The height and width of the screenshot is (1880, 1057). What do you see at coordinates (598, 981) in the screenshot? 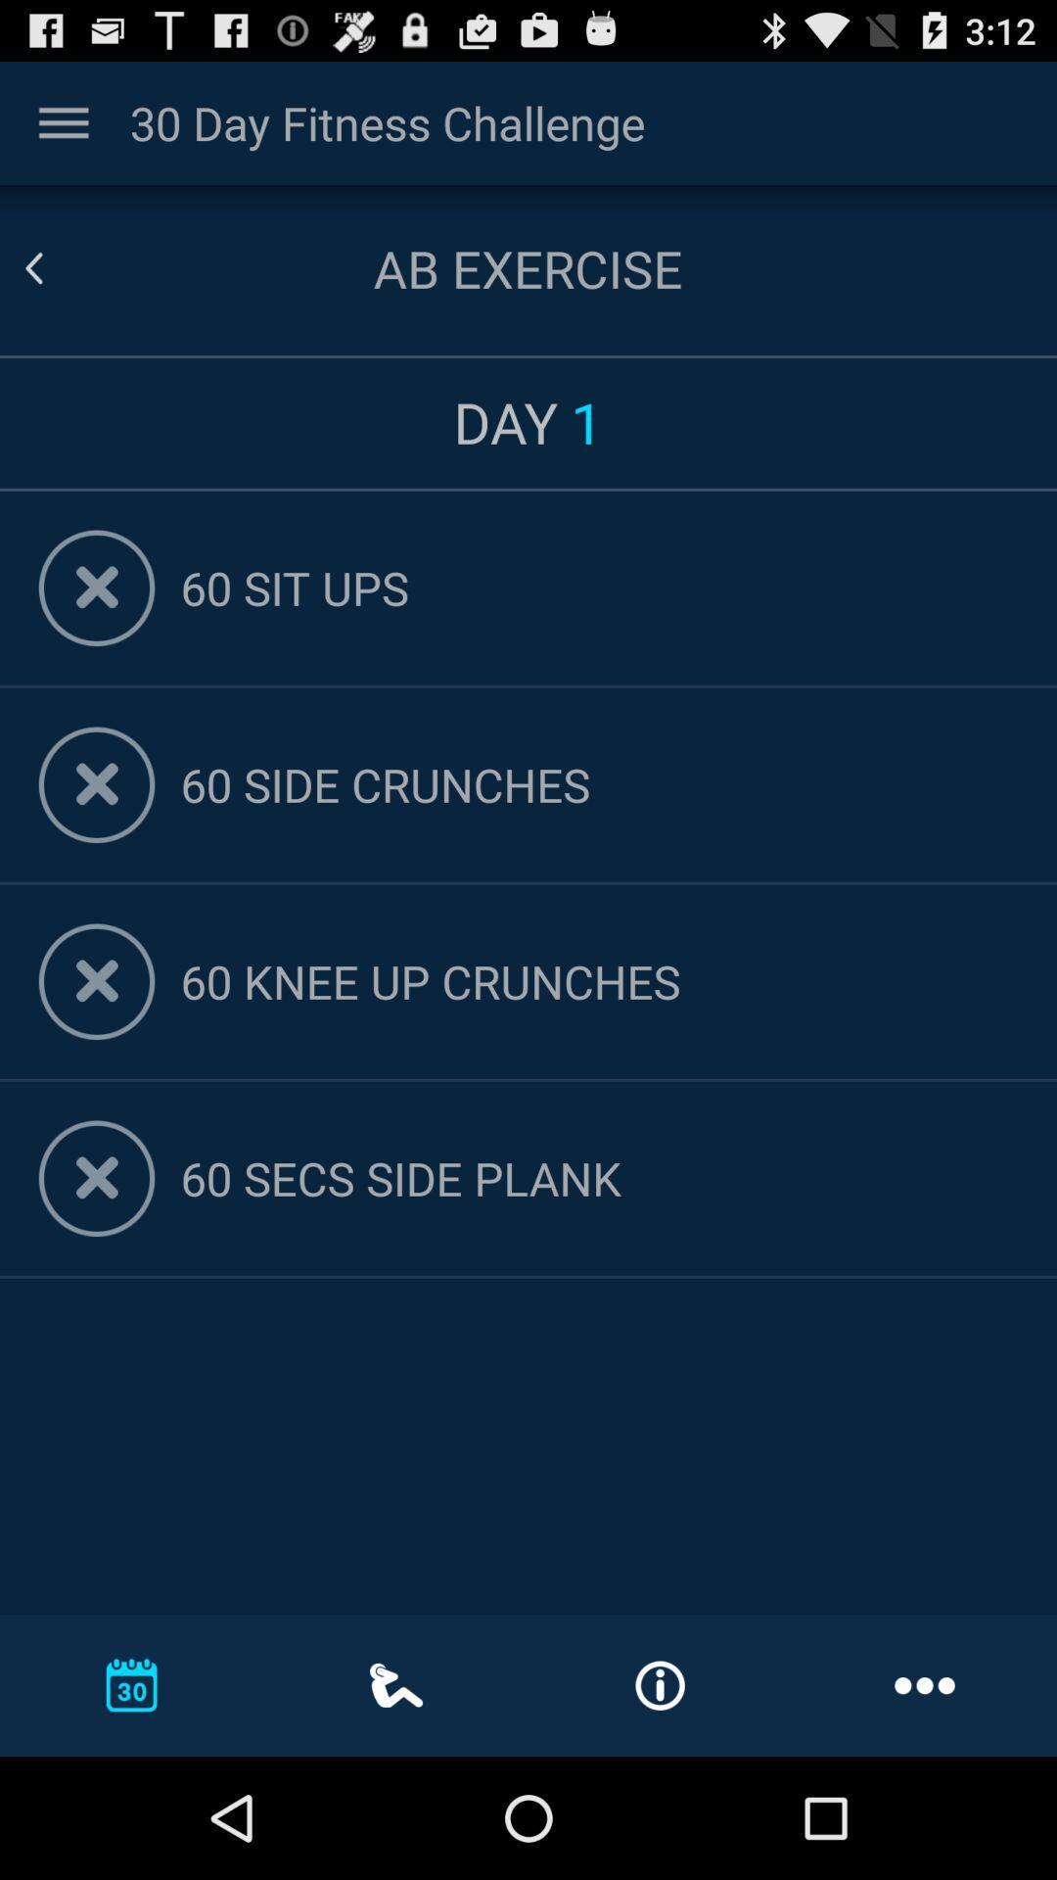
I see `the item above the 60 secs side item` at bounding box center [598, 981].